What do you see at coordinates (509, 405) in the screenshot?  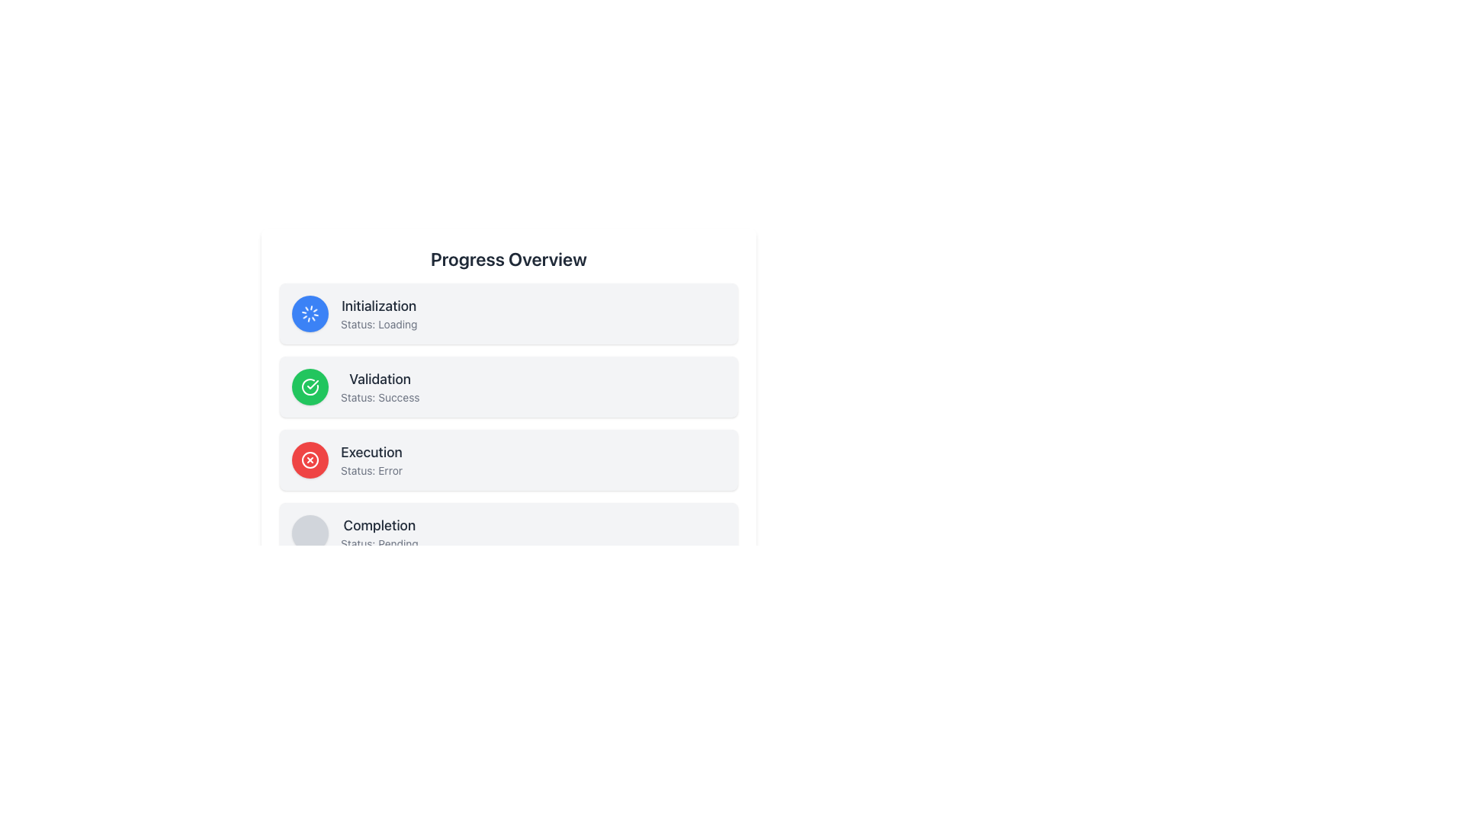 I see `the central progress overview panel to visually interpret the progress statuses it summarizes` at bounding box center [509, 405].